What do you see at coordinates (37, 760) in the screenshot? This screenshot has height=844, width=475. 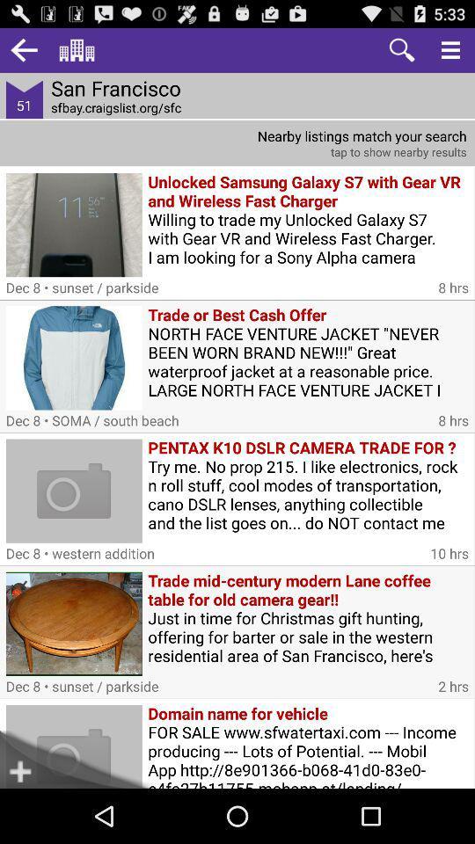 I see `the app next to the domain name for app` at bounding box center [37, 760].